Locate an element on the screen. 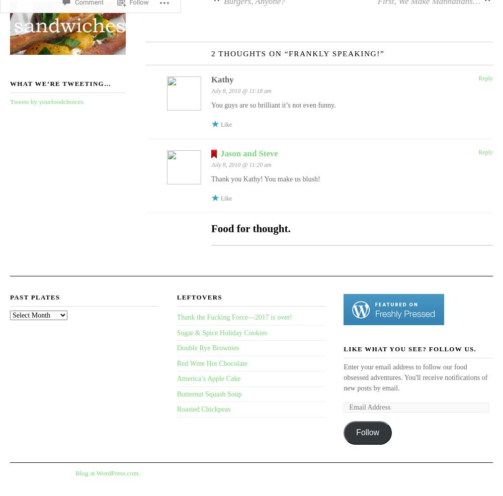 The image size is (503, 496). 'Thank the Fucking Force—2017 is over!' is located at coordinates (176, 316).